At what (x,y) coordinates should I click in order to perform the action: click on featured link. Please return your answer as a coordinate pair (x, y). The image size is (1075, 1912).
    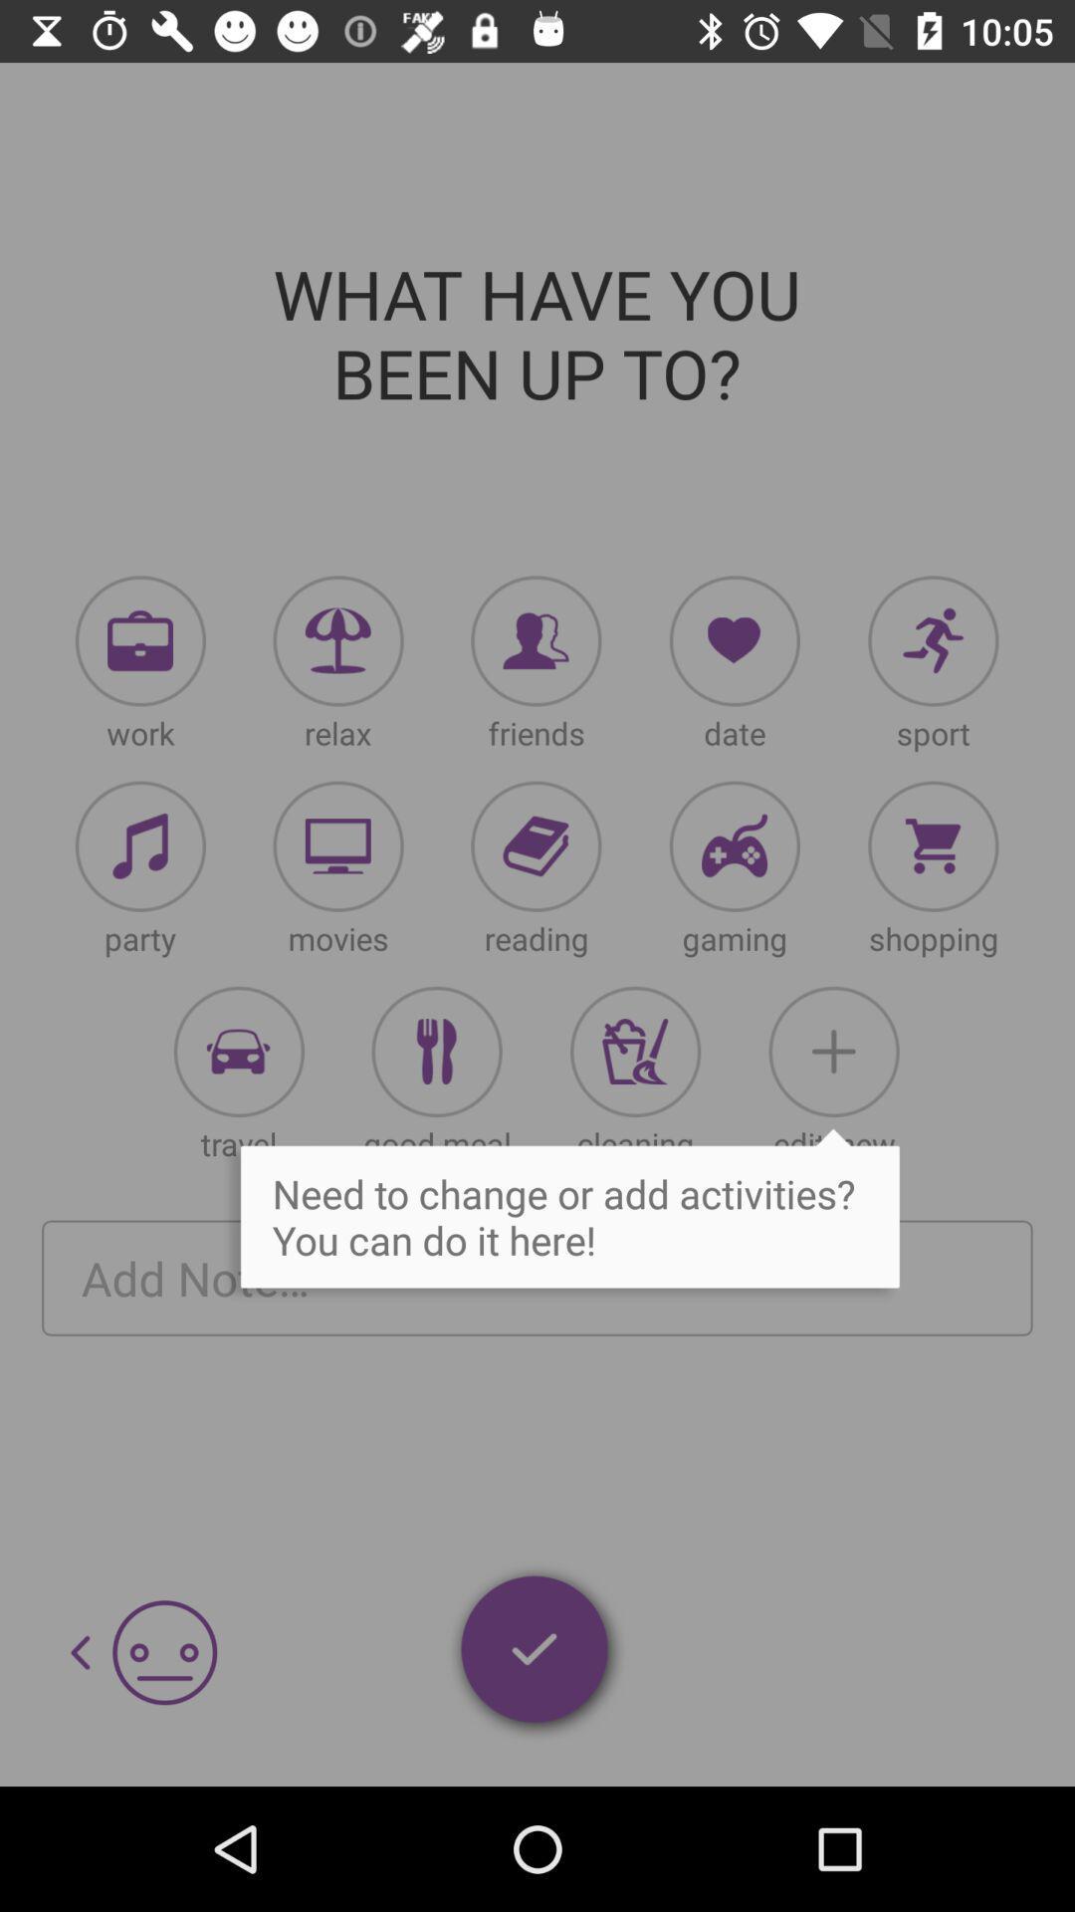
    Looking at the image, I should click on (337, 846).